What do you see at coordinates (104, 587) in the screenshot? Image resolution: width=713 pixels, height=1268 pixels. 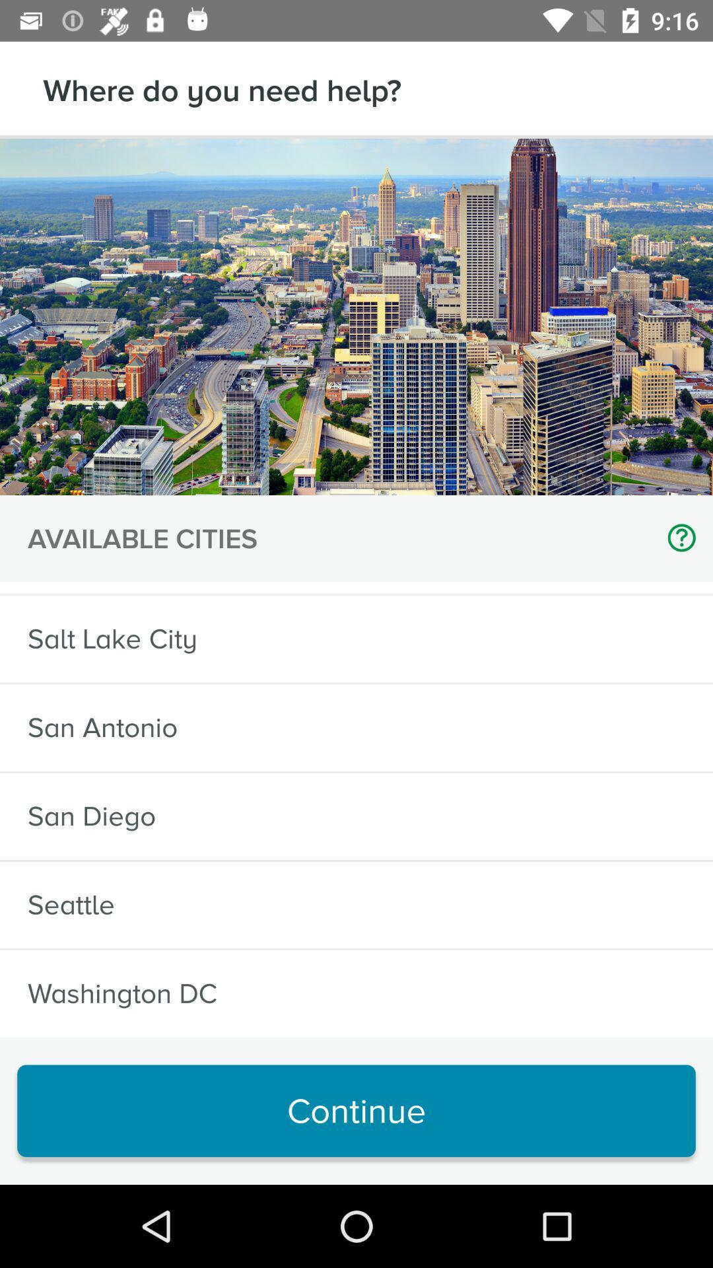 I see `icon below the available cities` at bounding box center [104, 587].